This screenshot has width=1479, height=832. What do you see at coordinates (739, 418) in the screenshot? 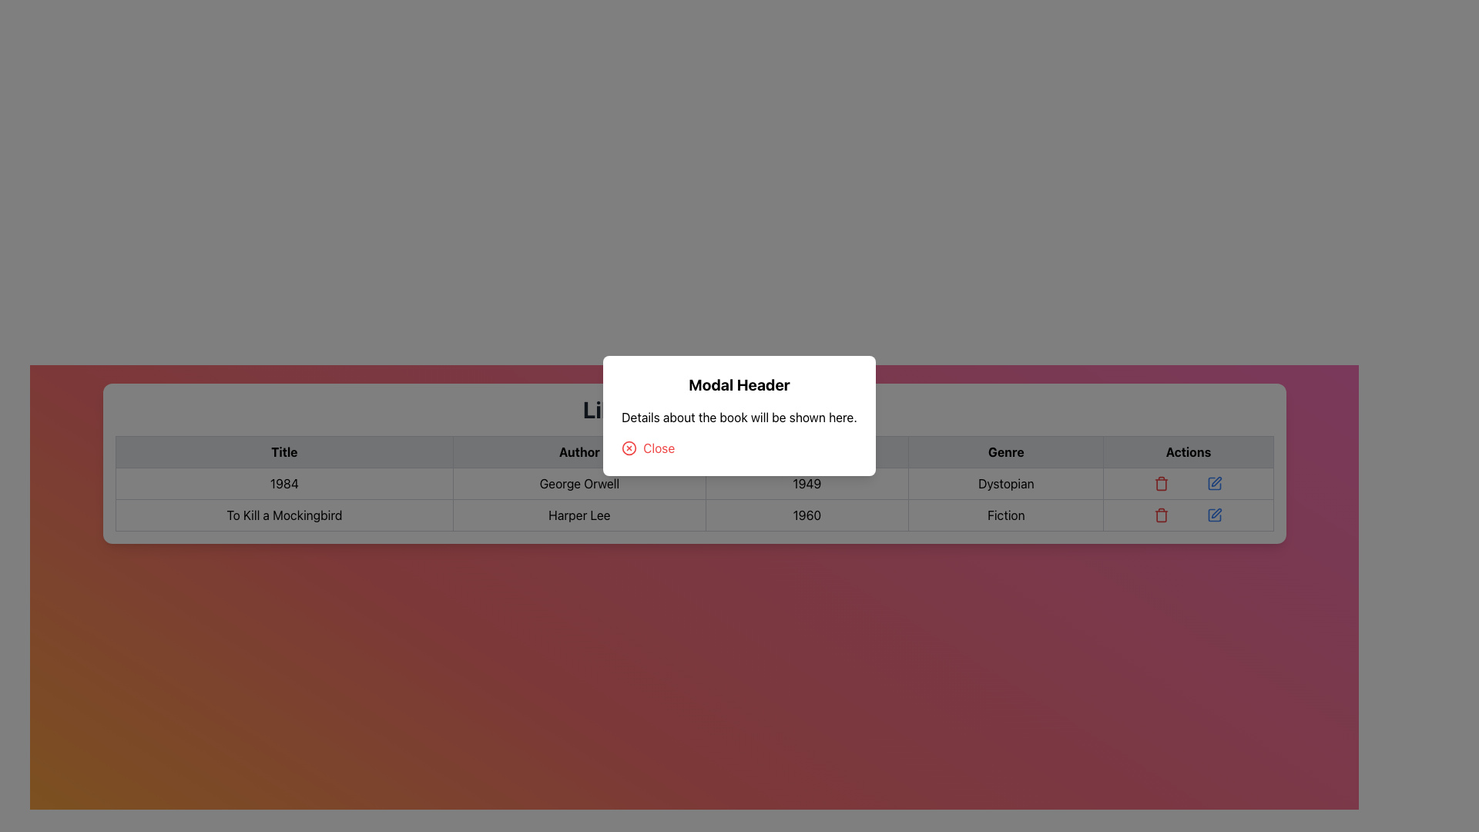
I see `the text label that indicates where book details will appear within the modal dialog, located below the 'Modal Header.'` at bounding box center [739, 418].